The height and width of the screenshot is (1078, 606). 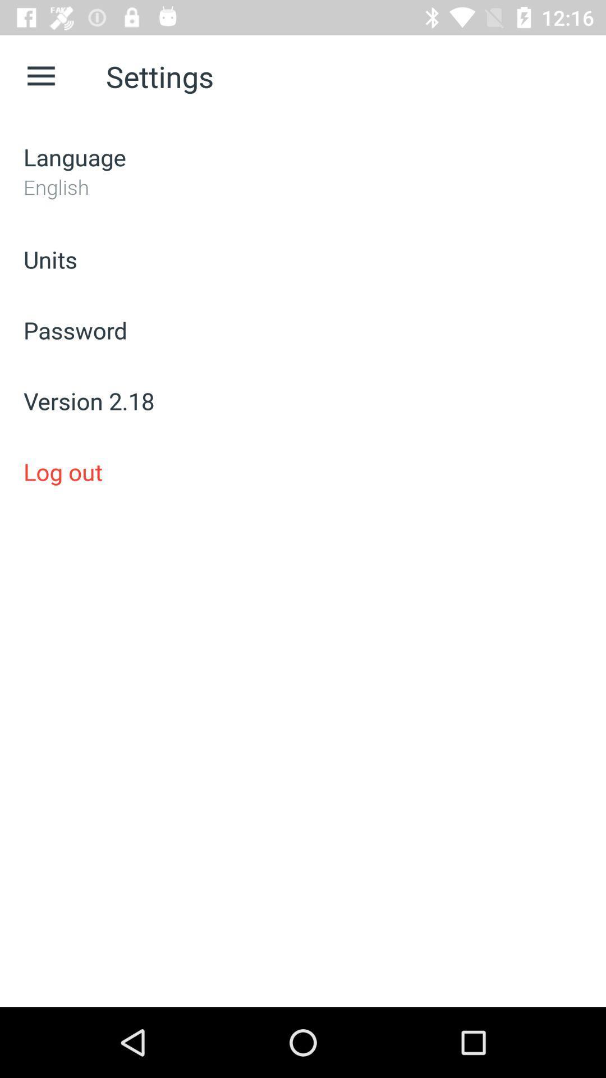 What do you see at coordinates (303, 258) in the screenshot?
I see `item below the english icon` at bounding box center [303, 258].